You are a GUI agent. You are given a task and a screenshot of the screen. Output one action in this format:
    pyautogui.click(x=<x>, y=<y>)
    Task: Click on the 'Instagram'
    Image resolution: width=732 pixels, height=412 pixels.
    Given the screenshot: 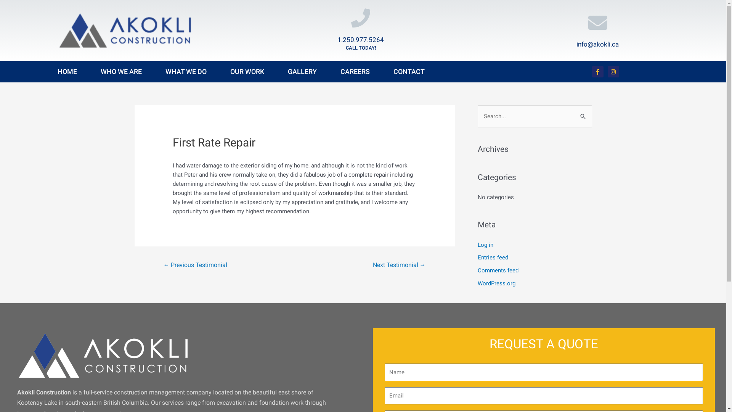 What is the action you would take?
    pyautogui.click(x=607, y=72)
    